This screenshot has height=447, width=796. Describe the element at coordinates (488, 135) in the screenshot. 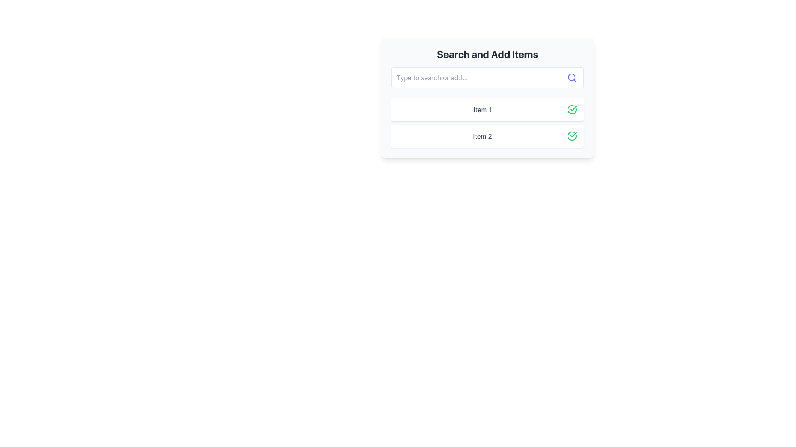

I see `the second list item labeled 'Item 2' with a green checkmark icon` at that location.